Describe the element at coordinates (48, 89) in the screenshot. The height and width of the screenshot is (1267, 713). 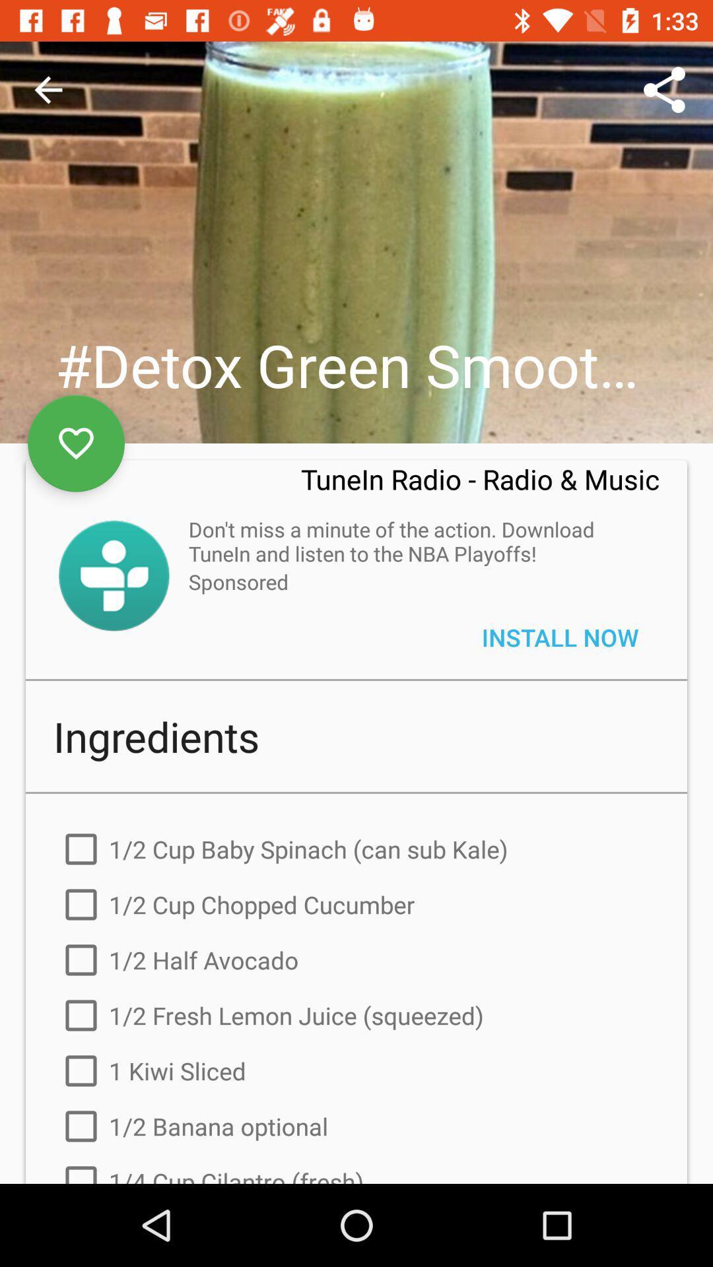
I see `the icon at the top left corner` at that location.